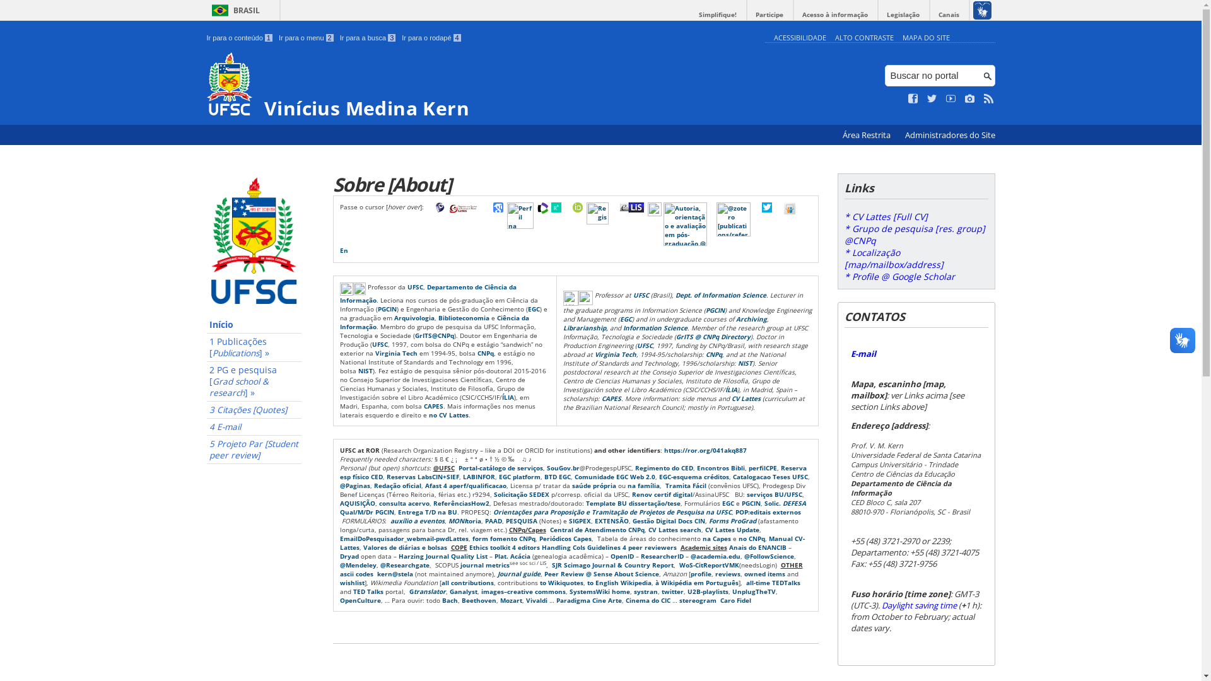  I want to click on 'systran', so click(645, 591).